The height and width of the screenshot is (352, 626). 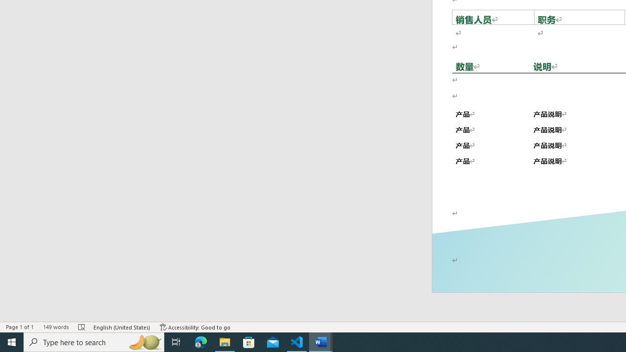 What do you see at coordinates (122, 327) in the screenshot?
I see `'Language English (United States)'` at bounding box center [122, 327].